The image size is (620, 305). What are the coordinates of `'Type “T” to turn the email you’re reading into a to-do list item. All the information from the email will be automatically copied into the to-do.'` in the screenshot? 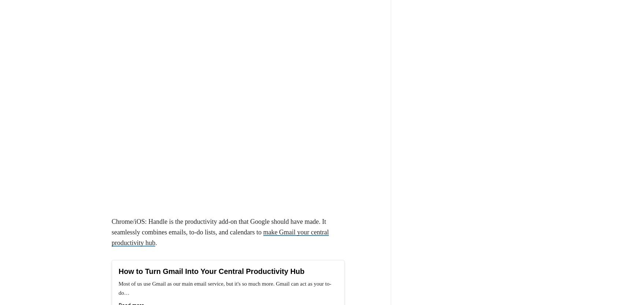 It's located at (234, 242).